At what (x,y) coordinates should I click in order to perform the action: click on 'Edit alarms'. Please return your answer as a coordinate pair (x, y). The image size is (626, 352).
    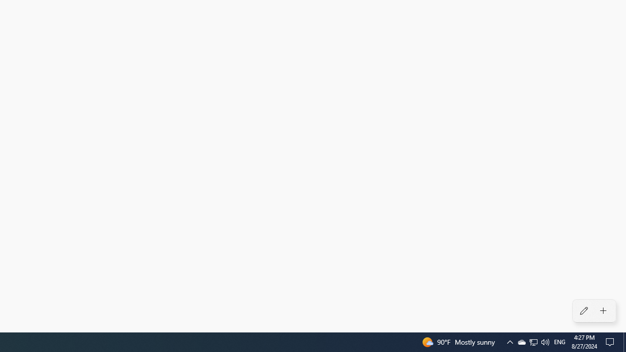
    Looking at the image, I should click on (583, 311).